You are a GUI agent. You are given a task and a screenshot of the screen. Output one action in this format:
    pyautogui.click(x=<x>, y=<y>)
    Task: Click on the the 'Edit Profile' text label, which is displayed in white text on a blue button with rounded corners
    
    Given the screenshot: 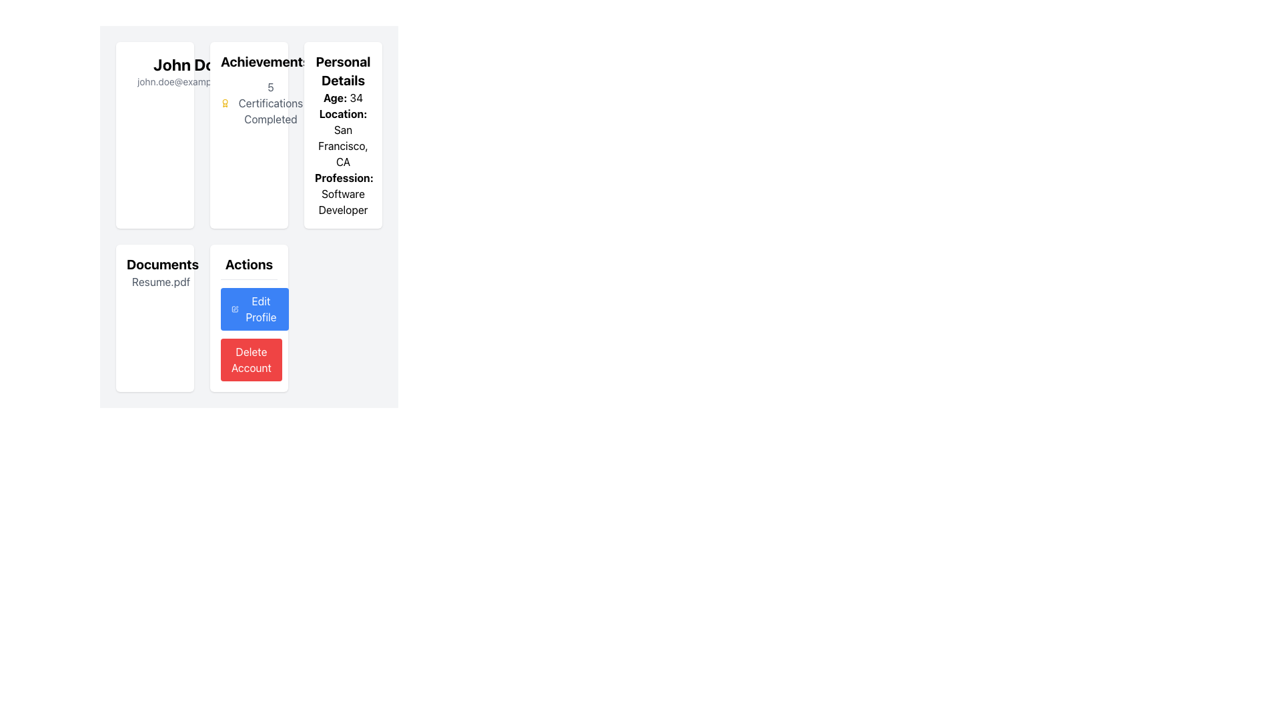 What is the action you would take?
    pyautogui.click(x=261, y=309)
    